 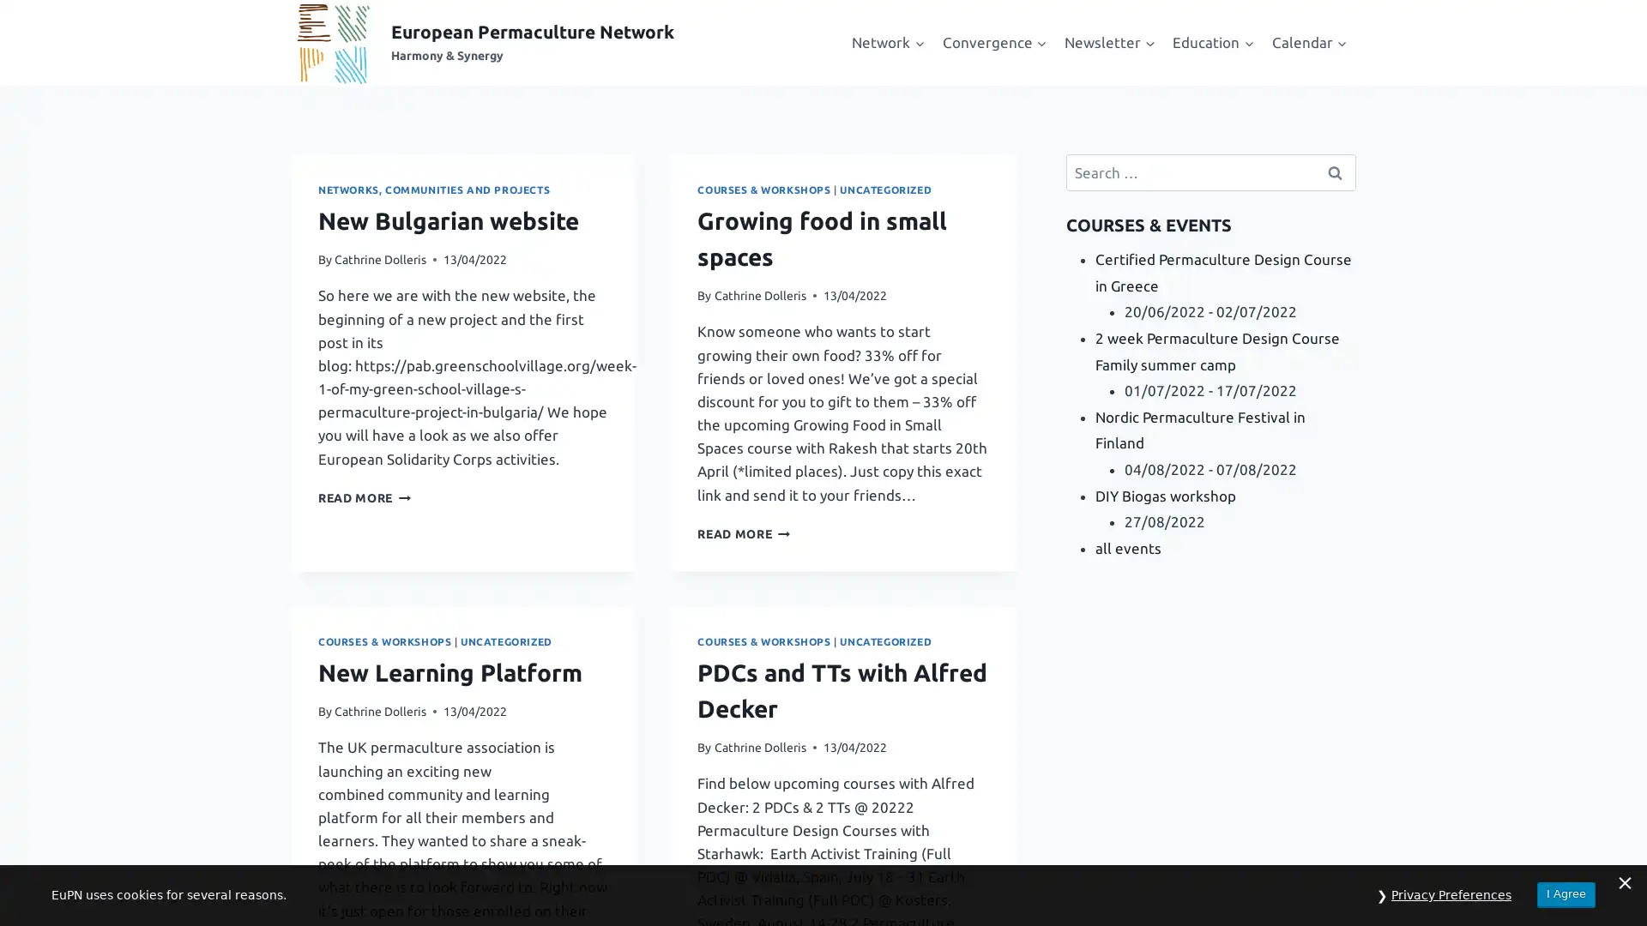 I want to click on Expand child menu, so click(x=888, y=41).